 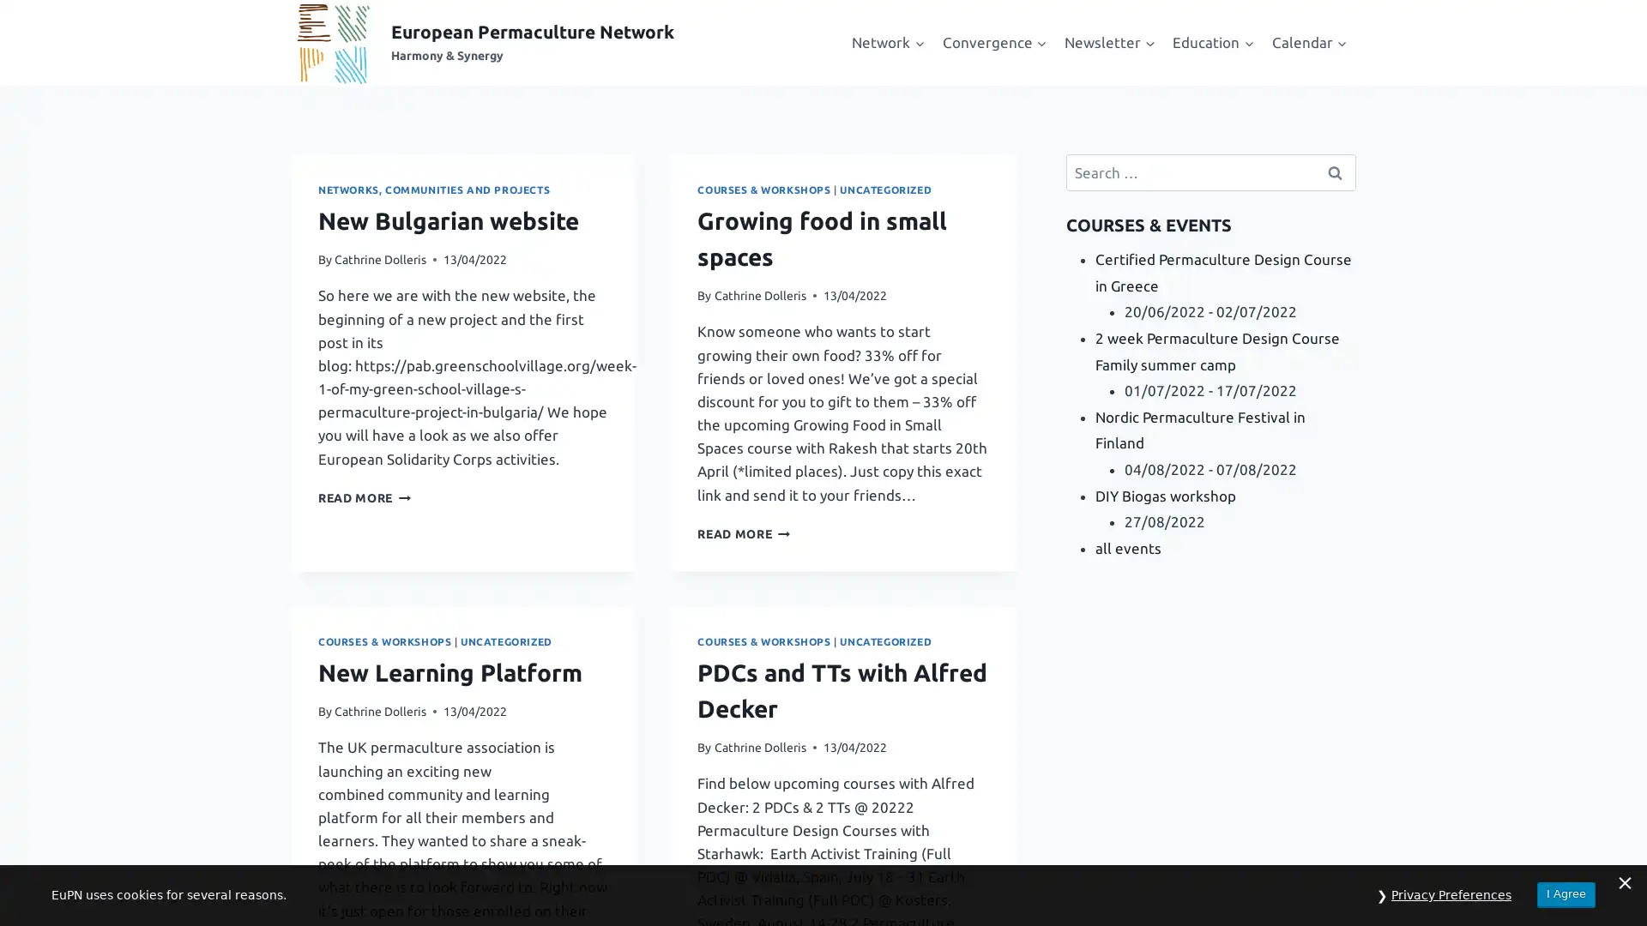 I want to click on Expand child menu, so click(x=888, y=41).